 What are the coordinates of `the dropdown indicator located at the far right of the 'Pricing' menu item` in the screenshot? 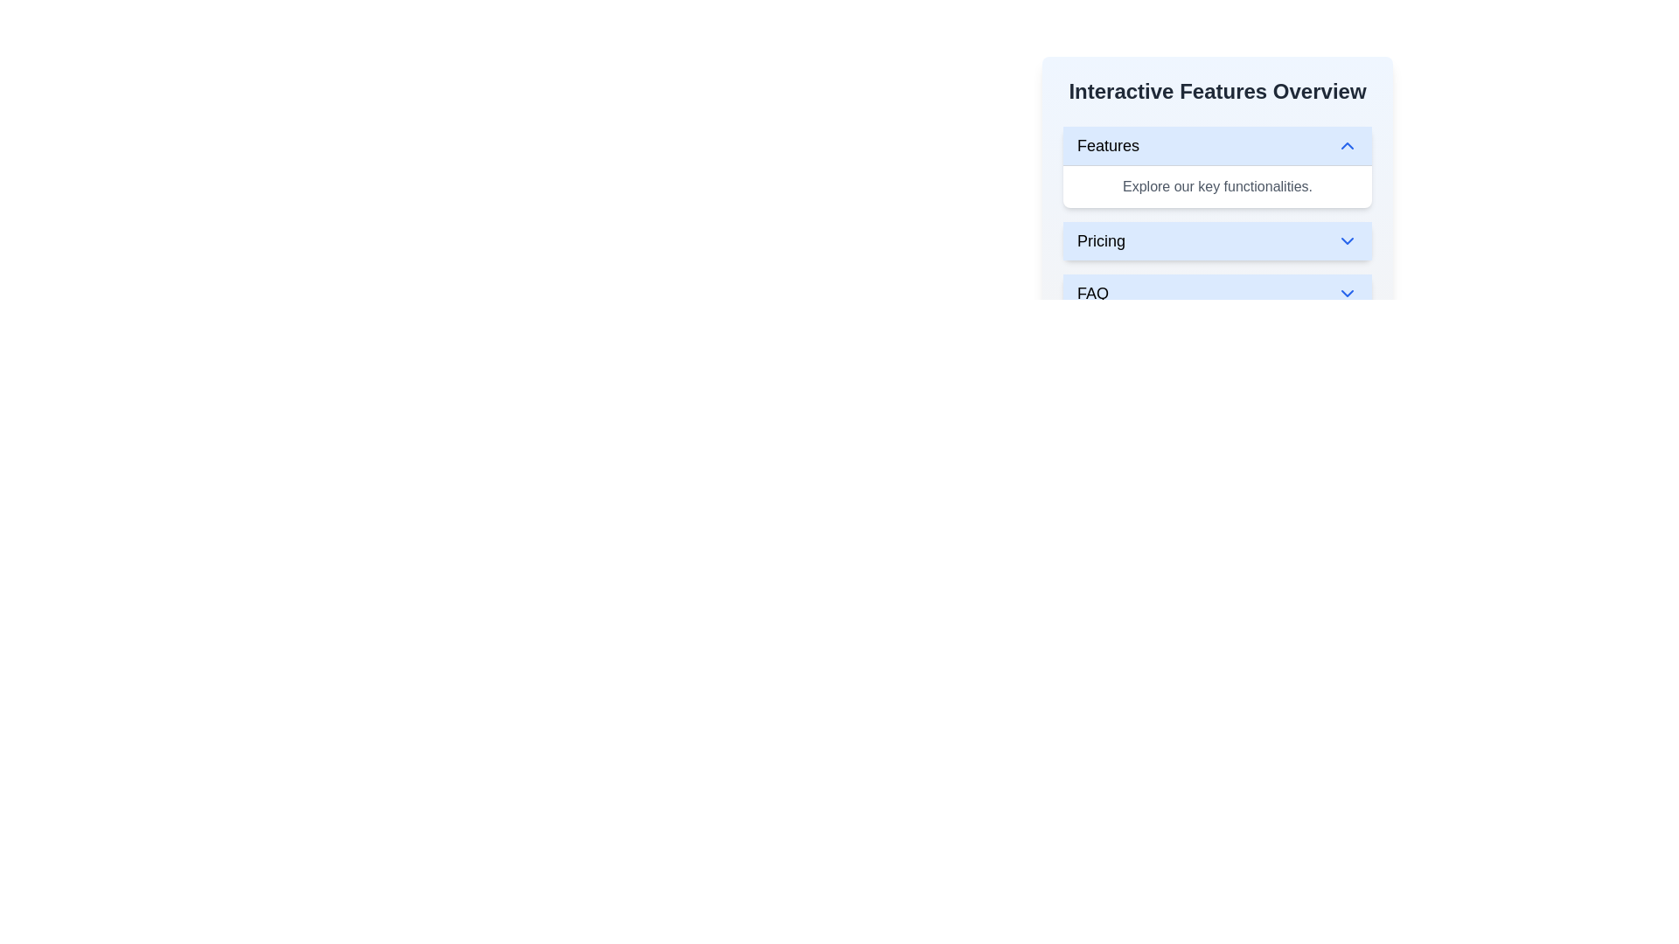 It's located at (1346, 241).